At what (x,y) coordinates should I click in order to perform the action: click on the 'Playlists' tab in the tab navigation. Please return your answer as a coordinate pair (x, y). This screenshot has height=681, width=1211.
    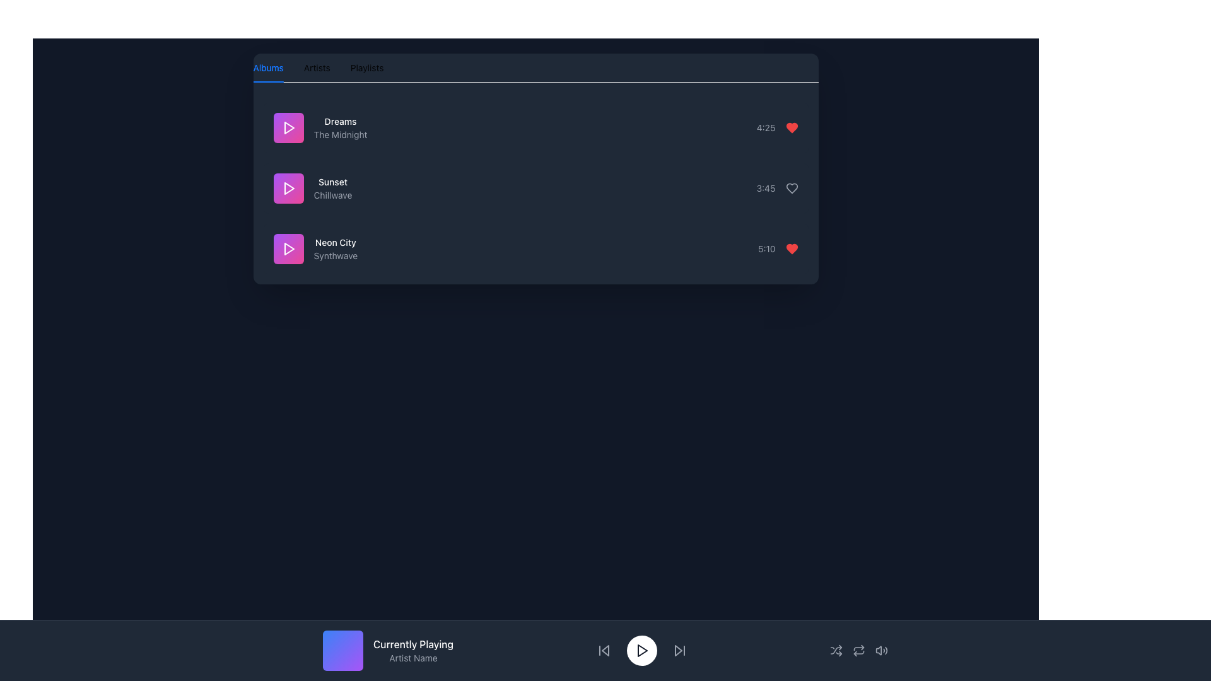
    Looking at the image, I should click on (366, 68).